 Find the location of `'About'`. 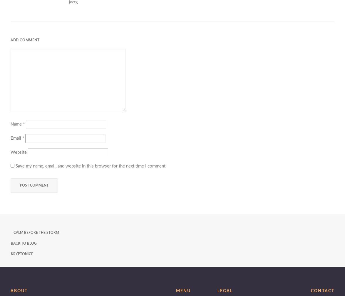

'About' is located at coordinates (19, 291).